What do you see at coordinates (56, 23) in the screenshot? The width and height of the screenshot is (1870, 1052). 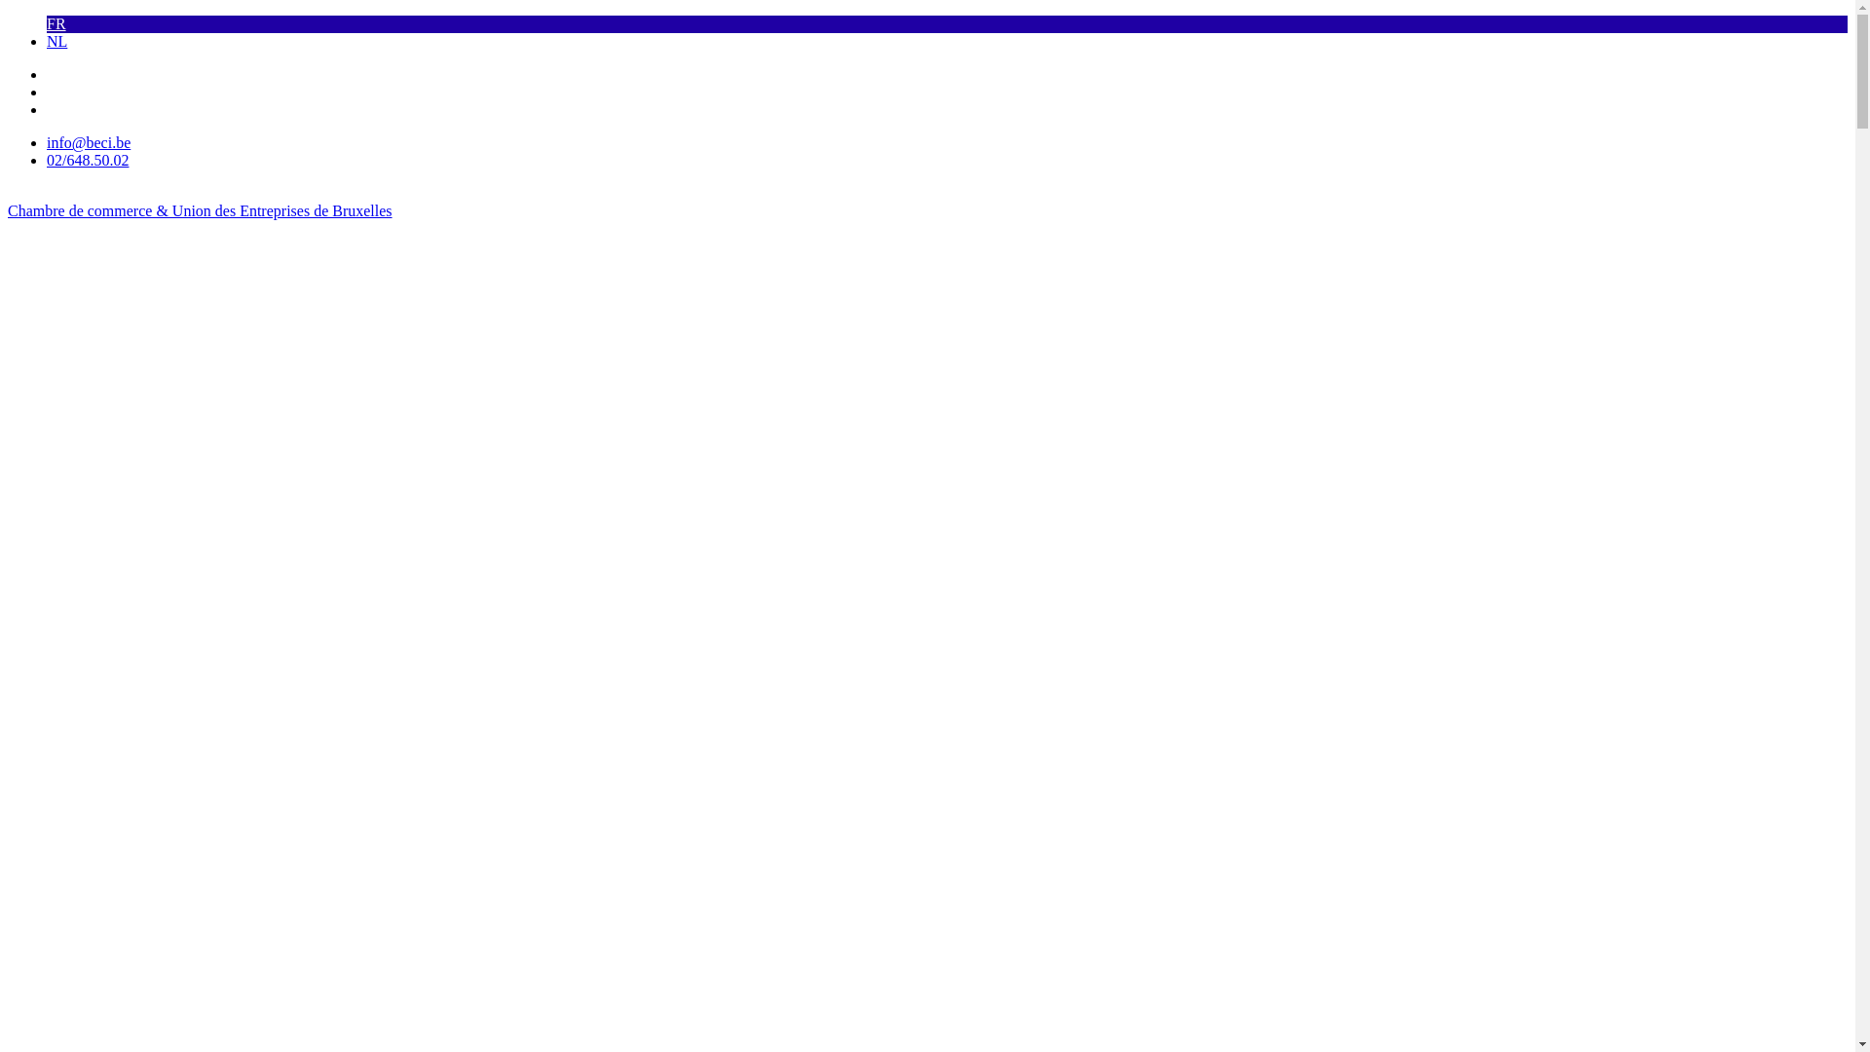 I see `'FR'` at bounding box center [56, 23].